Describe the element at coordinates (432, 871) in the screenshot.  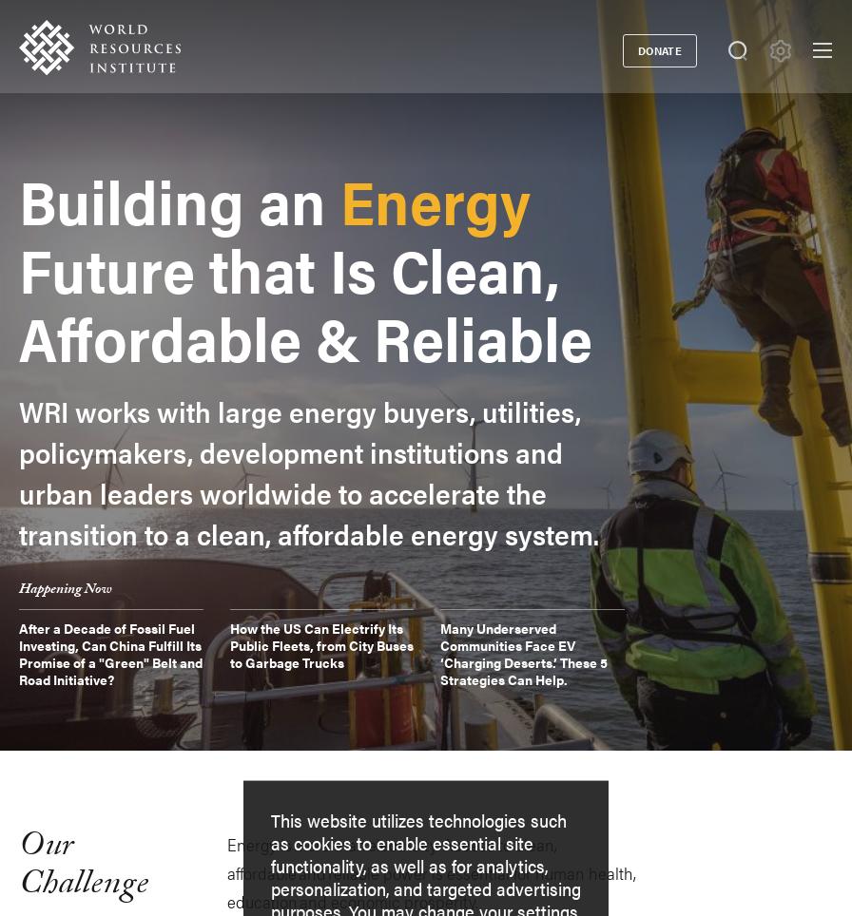
I see `'Energy is more than electricity. Access to clean, affordable and reliable power is essential for human health, education and economic prosperity.'` at that location.